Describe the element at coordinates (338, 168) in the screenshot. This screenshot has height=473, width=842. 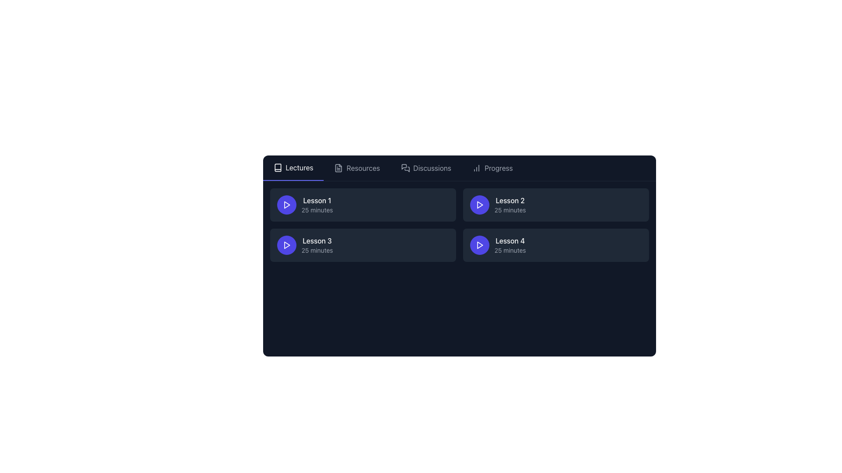
I see `the 'Resources' tab by navigating the keyboard to the small document icon located to the left of the 'Resources' label in the toolbar` at that location.